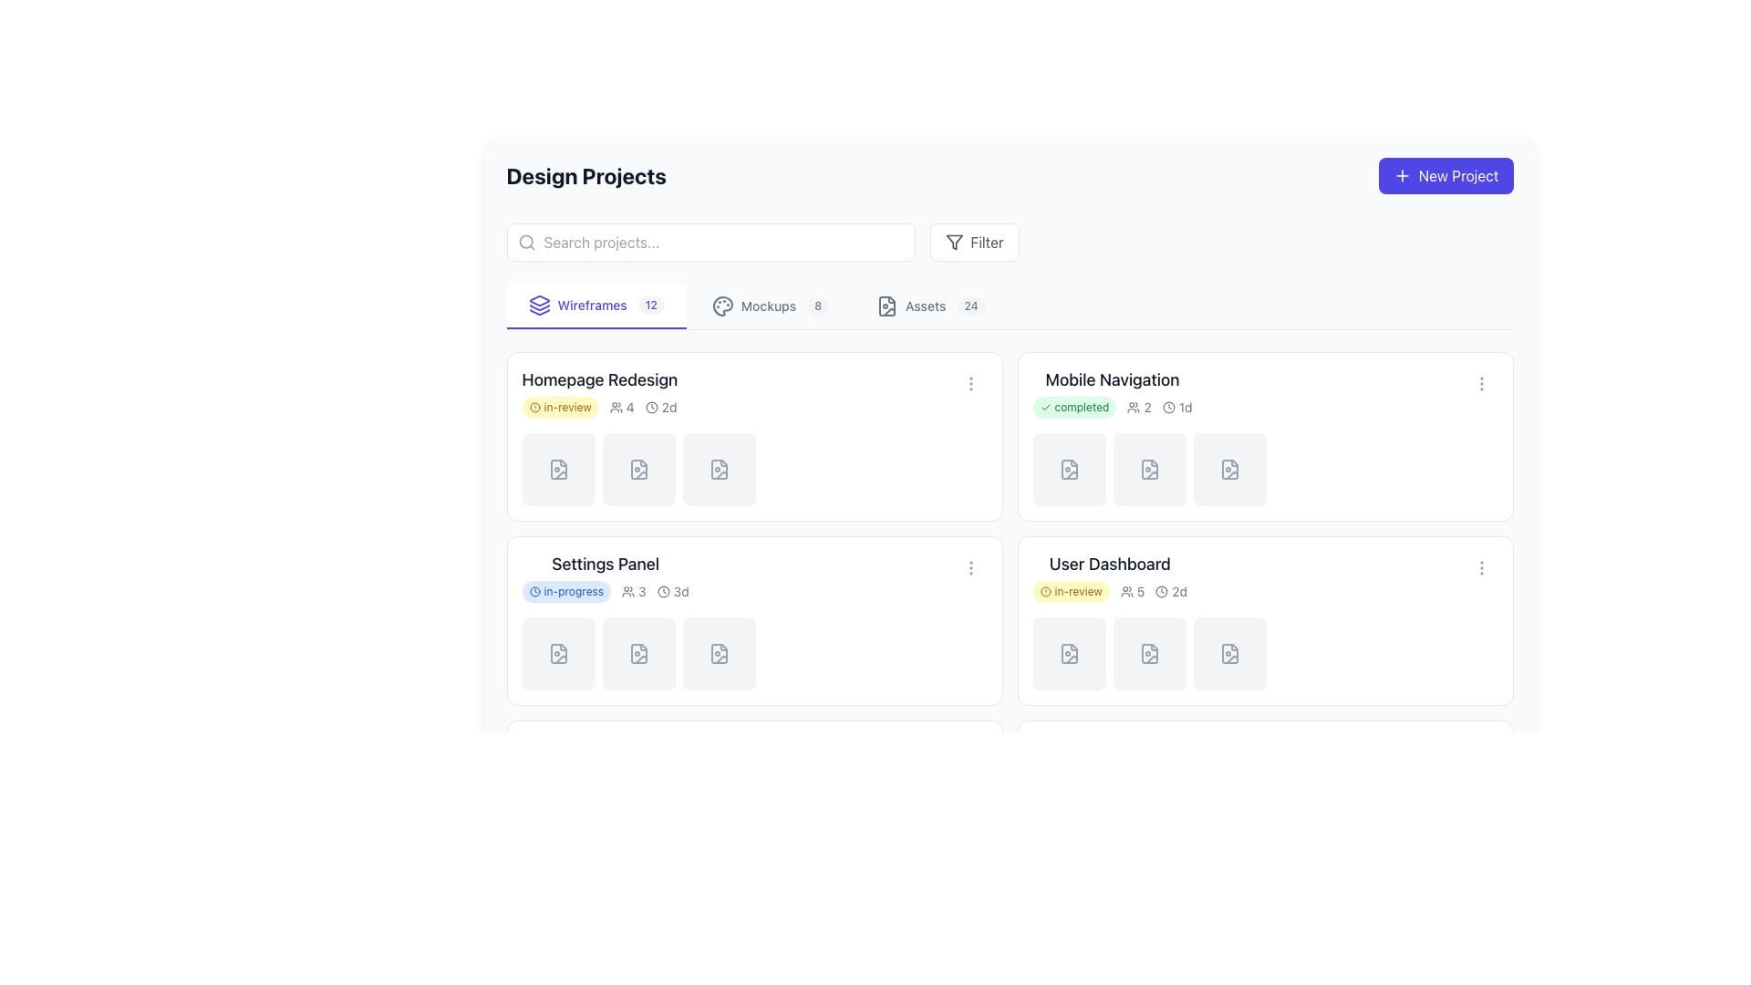 This screenshot has height=985, width=1751. What do you see at coordinates (662, 591) in the screenshot?
I see `the clock icon located in the 'Settings Panel' card, positioned to the right of the text '3d'` at bounding box center [662, 591].